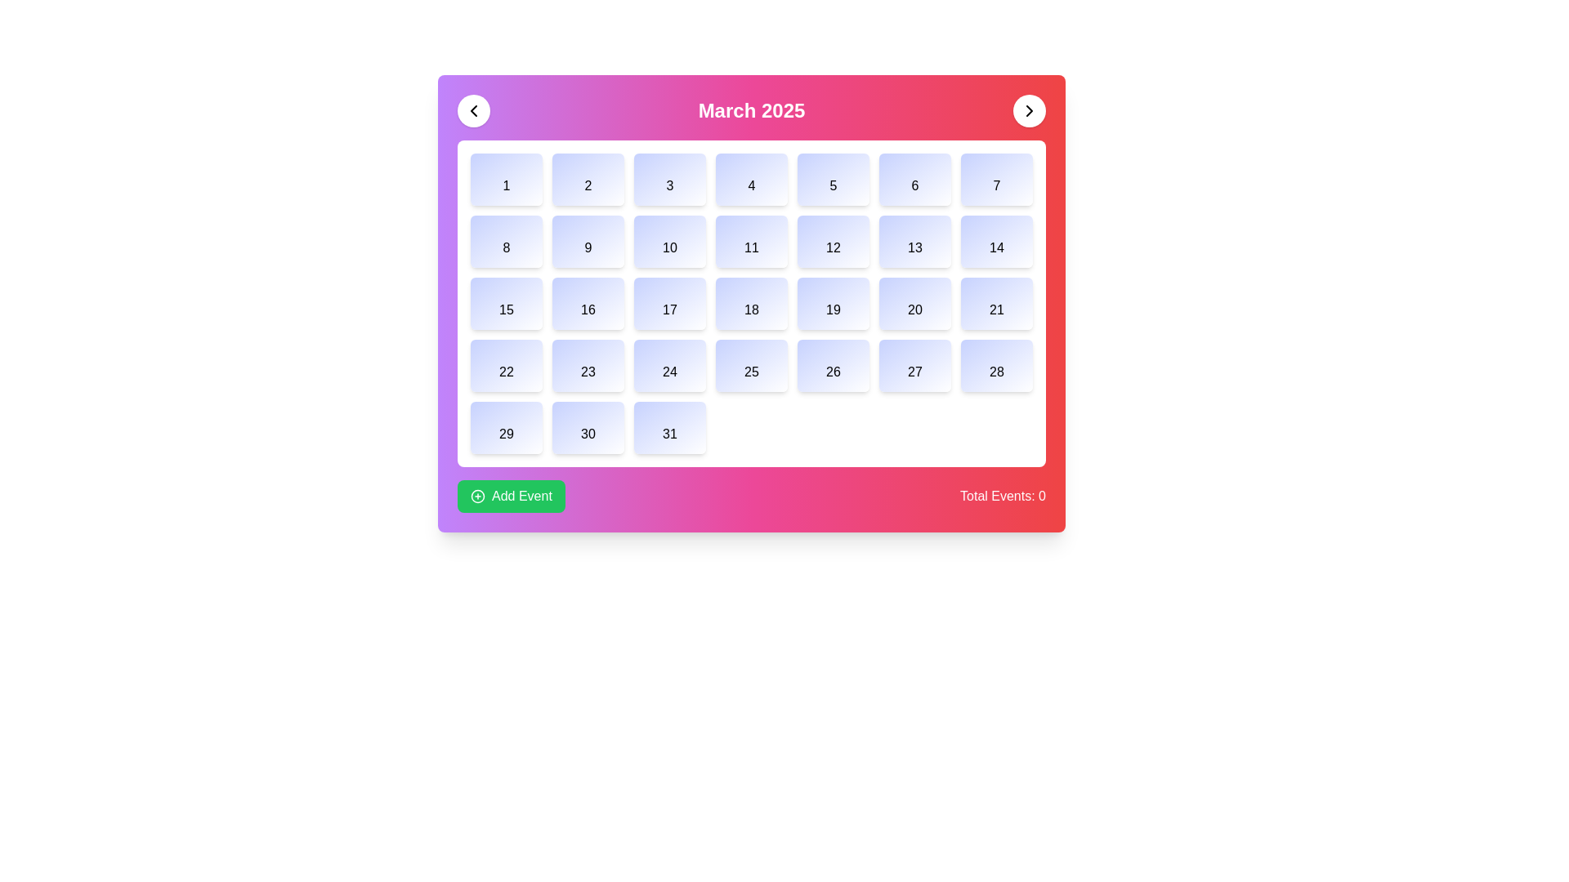 This screenshot has width=1569, height=882. What do you see at coordinates (995, 179) in the screenshot?
I see `the calendar date tile representing the 7th of the month` at bounding box center [995, 179].